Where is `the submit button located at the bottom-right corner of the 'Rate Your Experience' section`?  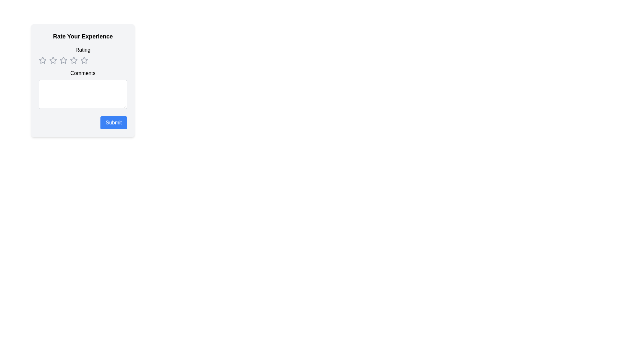 the submit button located at the bottom-right corner of the 'Rate Your Experience' section is located at coordinates (114, 123).